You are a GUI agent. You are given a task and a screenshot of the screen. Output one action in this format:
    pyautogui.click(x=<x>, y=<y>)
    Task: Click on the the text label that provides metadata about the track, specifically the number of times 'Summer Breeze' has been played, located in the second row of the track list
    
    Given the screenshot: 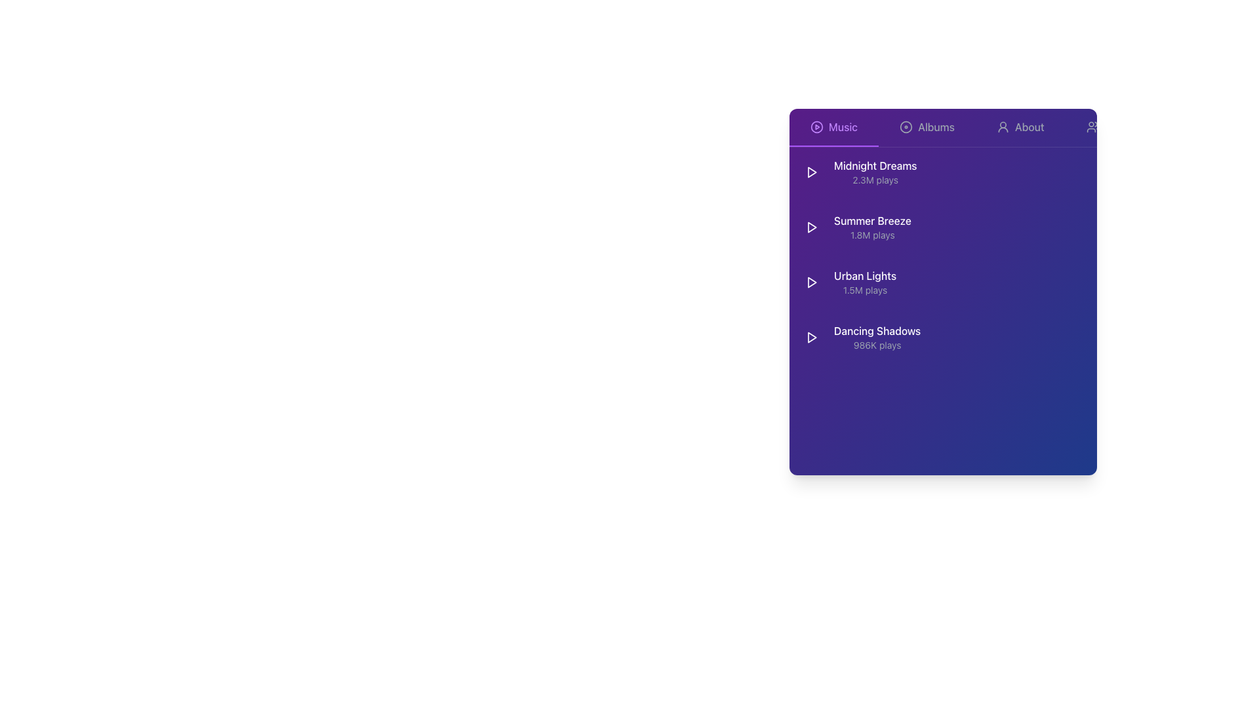 What is the action you would take?
    pyautogui.click(x=872, y=234)
    